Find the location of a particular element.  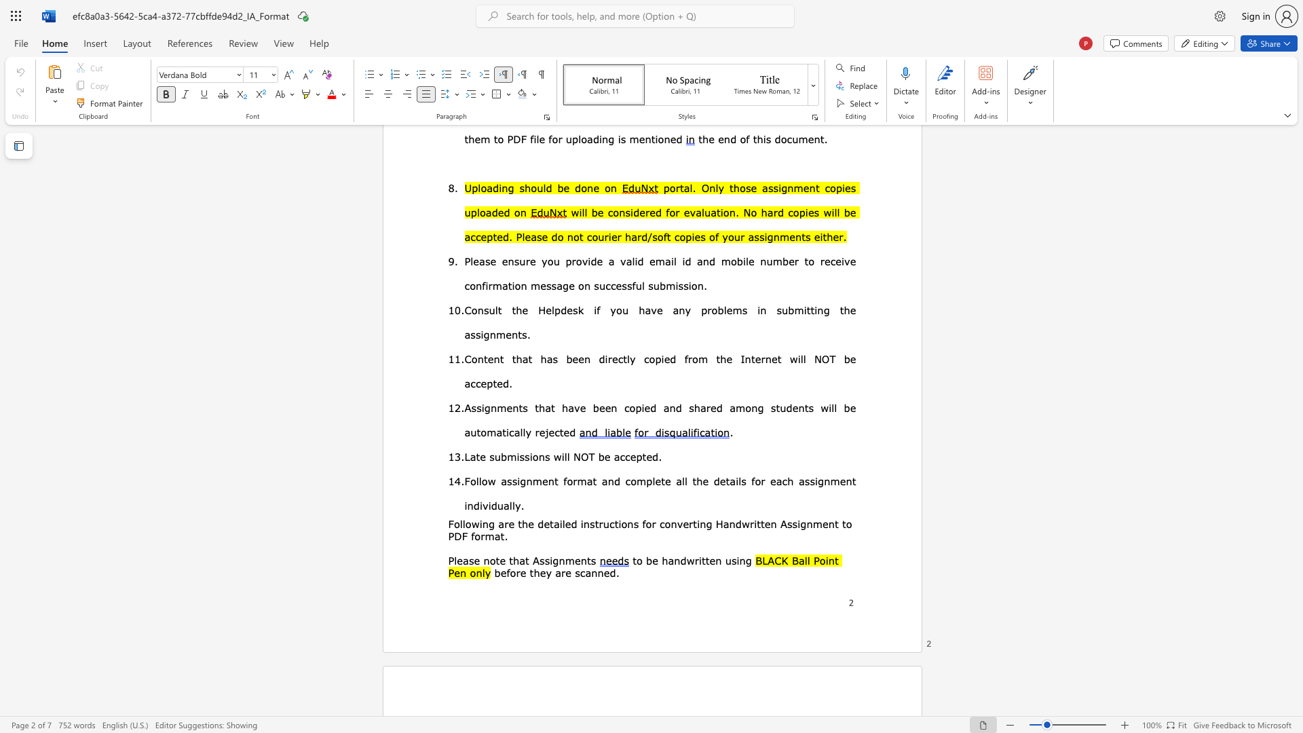

the subset text "ts" within the text "Please note that Assignments" is located at coordinates (586, 560).